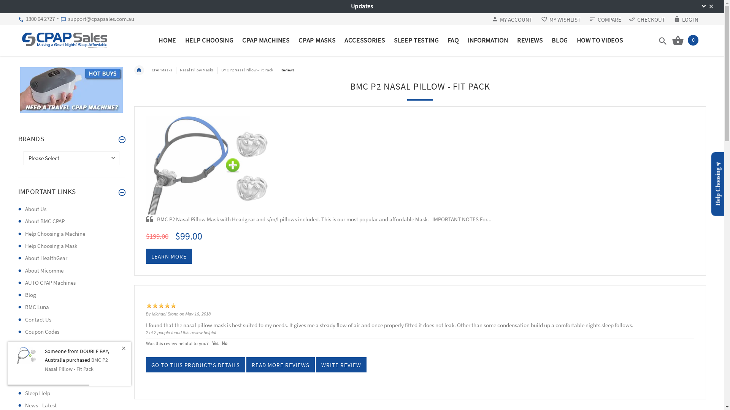 This screenshot has width=730, height=410. What do you see at coordinates (237, 40) in the screenshot?
I see `'CPAP MACHINES'` at bounding box center [237, 40].